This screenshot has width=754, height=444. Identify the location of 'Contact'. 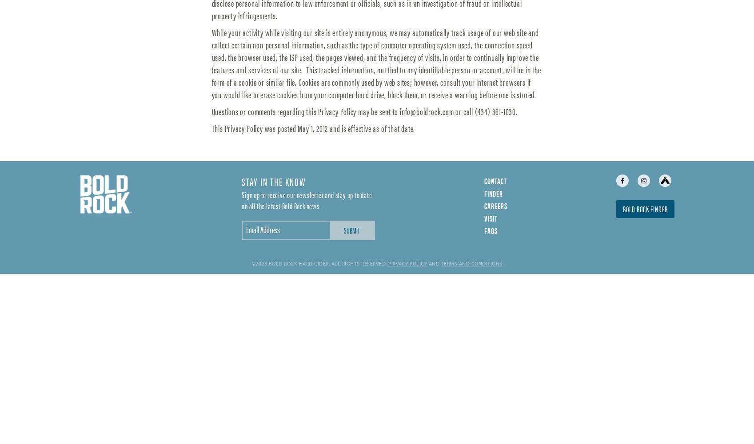
(495, 180).